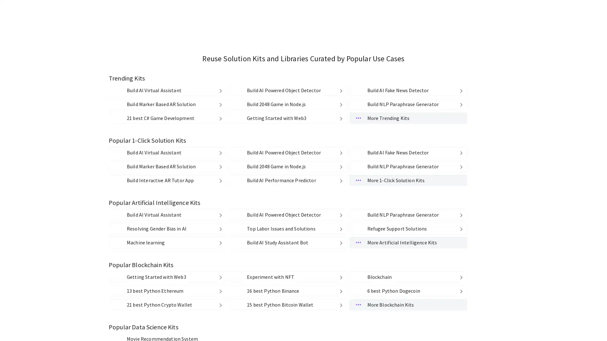 This screenshot has height=341, width=607. I want to click on delete, so click(340, 249).